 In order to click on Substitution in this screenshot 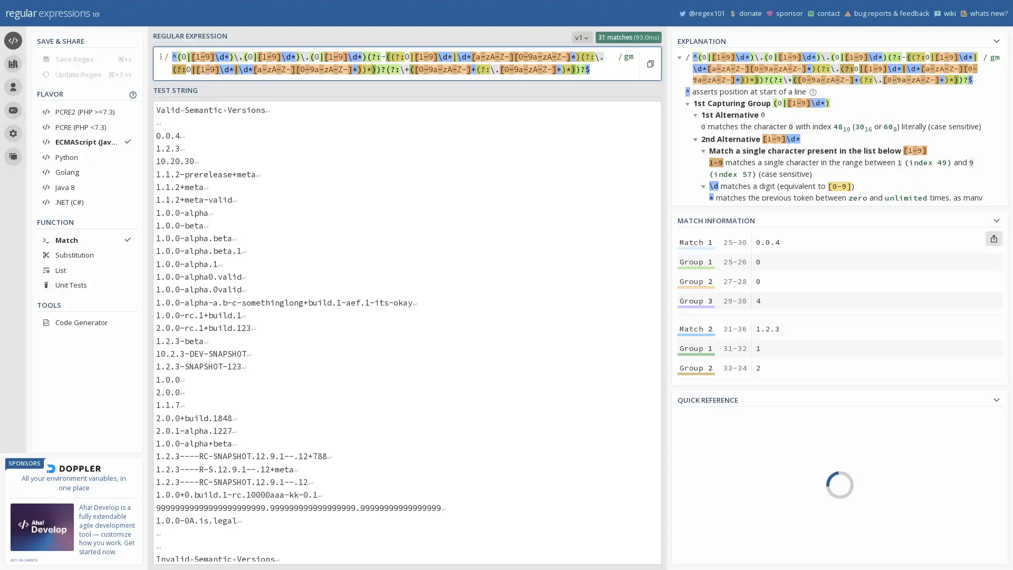, I will do `click(87, 254)`.